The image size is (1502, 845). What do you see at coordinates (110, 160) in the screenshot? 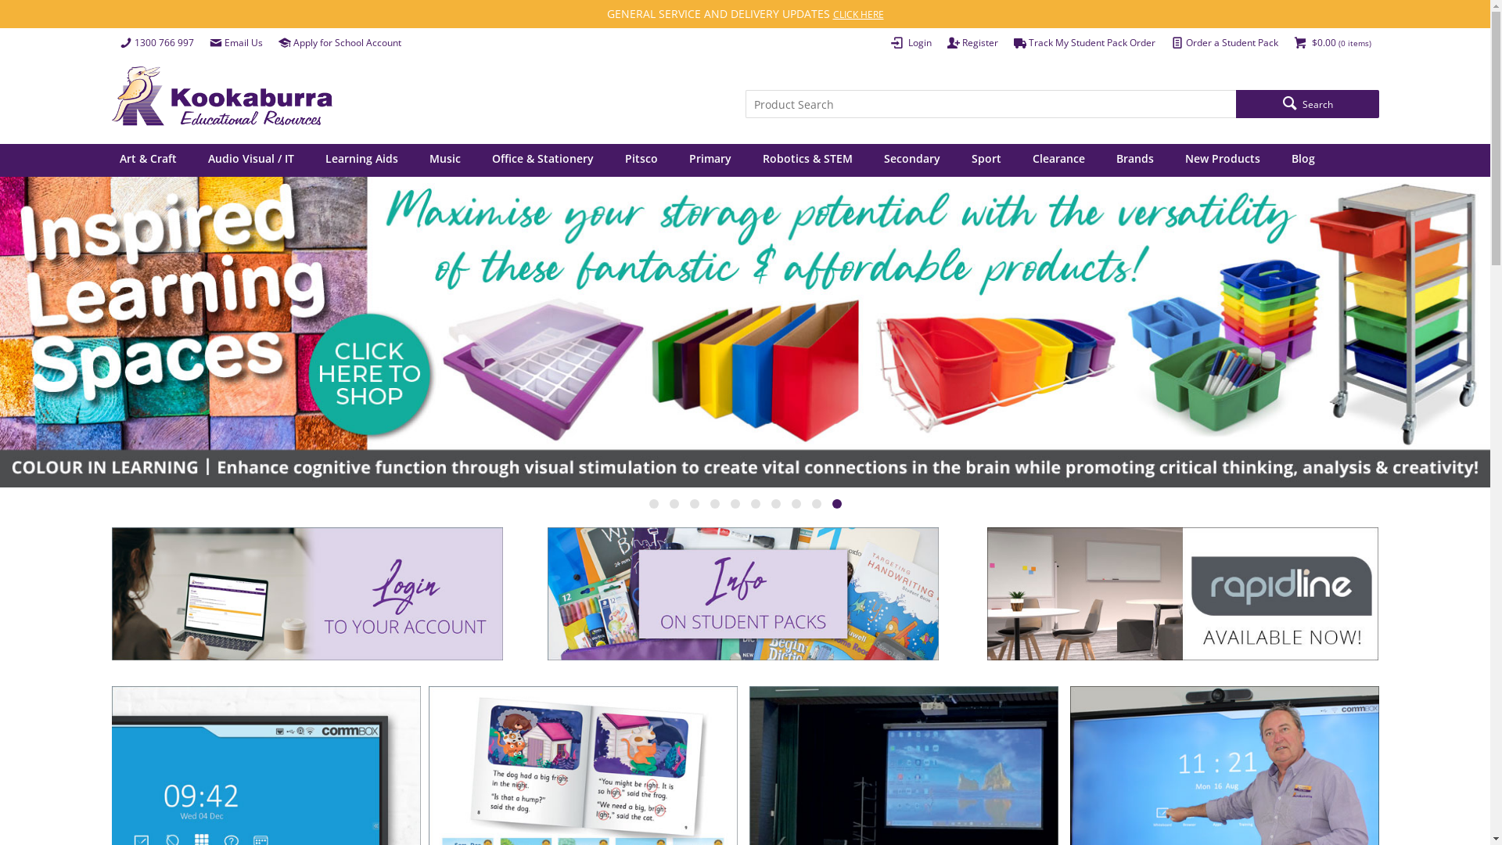
I see `'Art & Craft'` at bounding box center [110, 160].